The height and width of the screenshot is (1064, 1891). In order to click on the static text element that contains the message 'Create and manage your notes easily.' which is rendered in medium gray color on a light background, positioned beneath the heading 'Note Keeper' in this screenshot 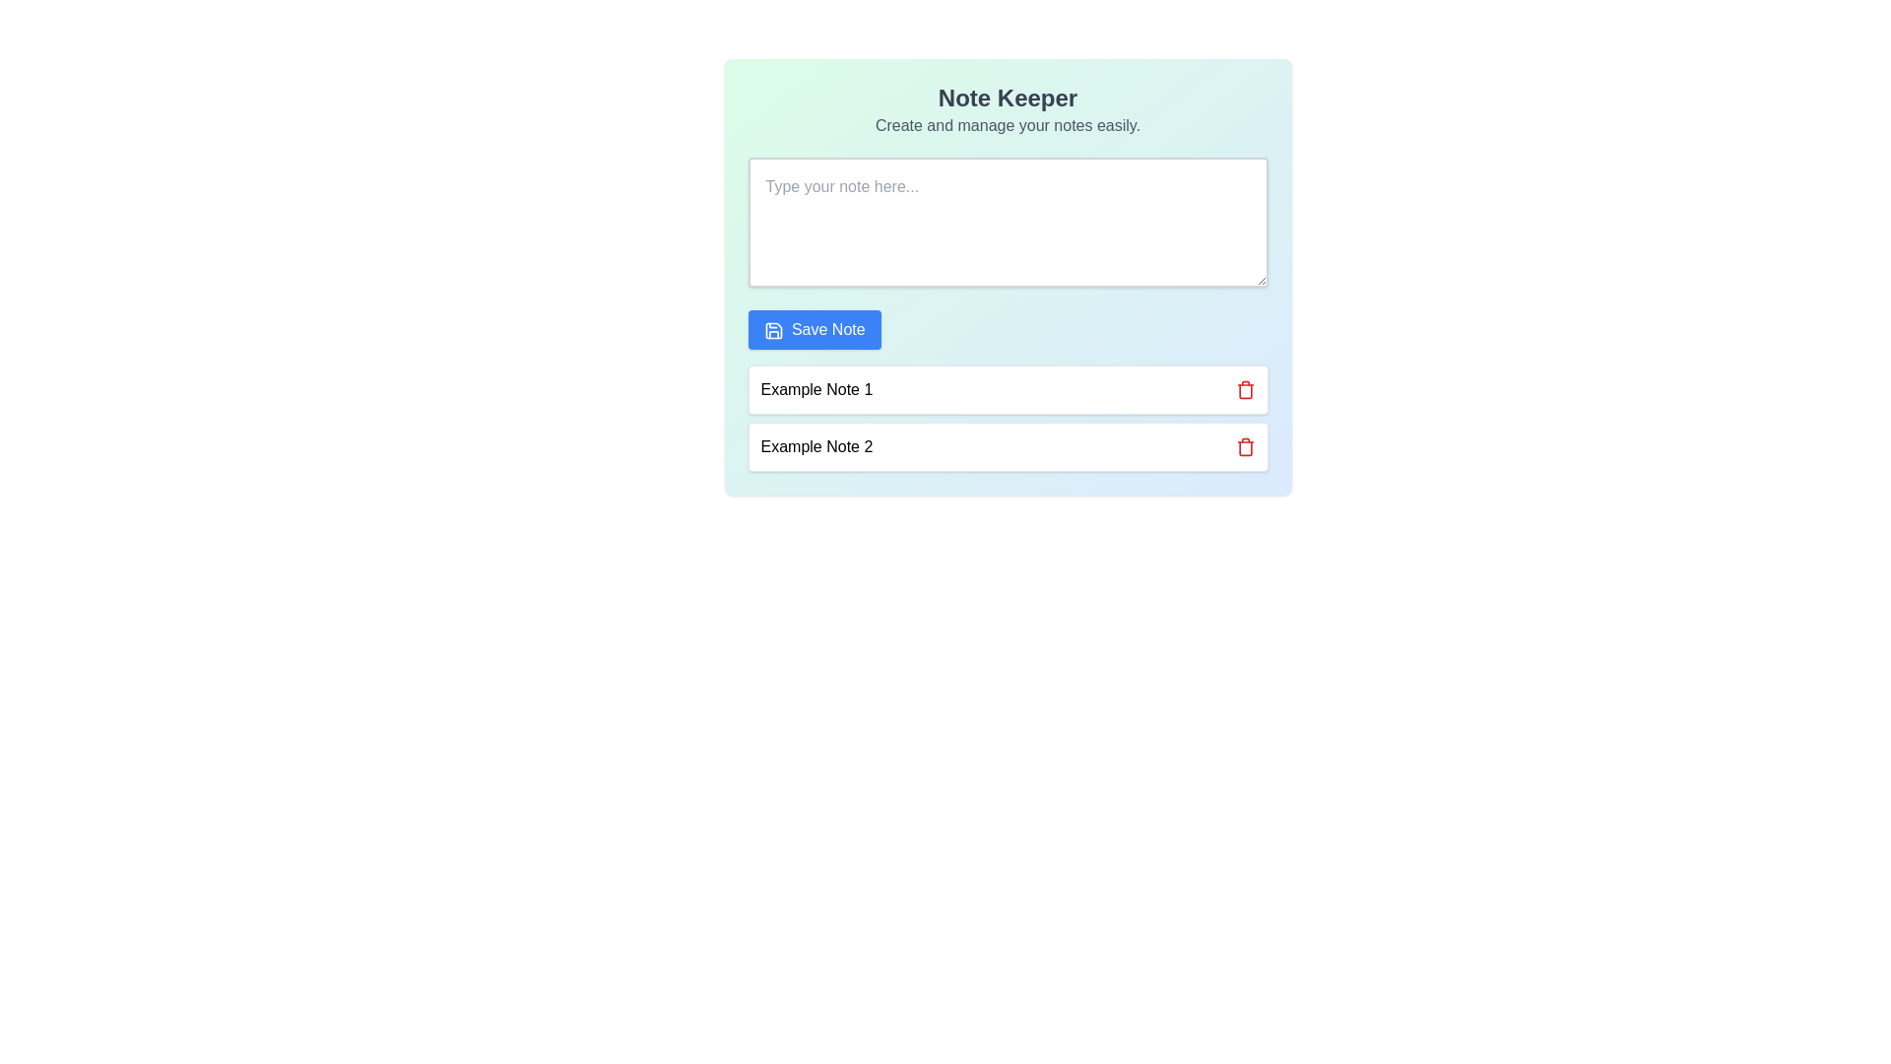, I will do `click(1008, 125)`.